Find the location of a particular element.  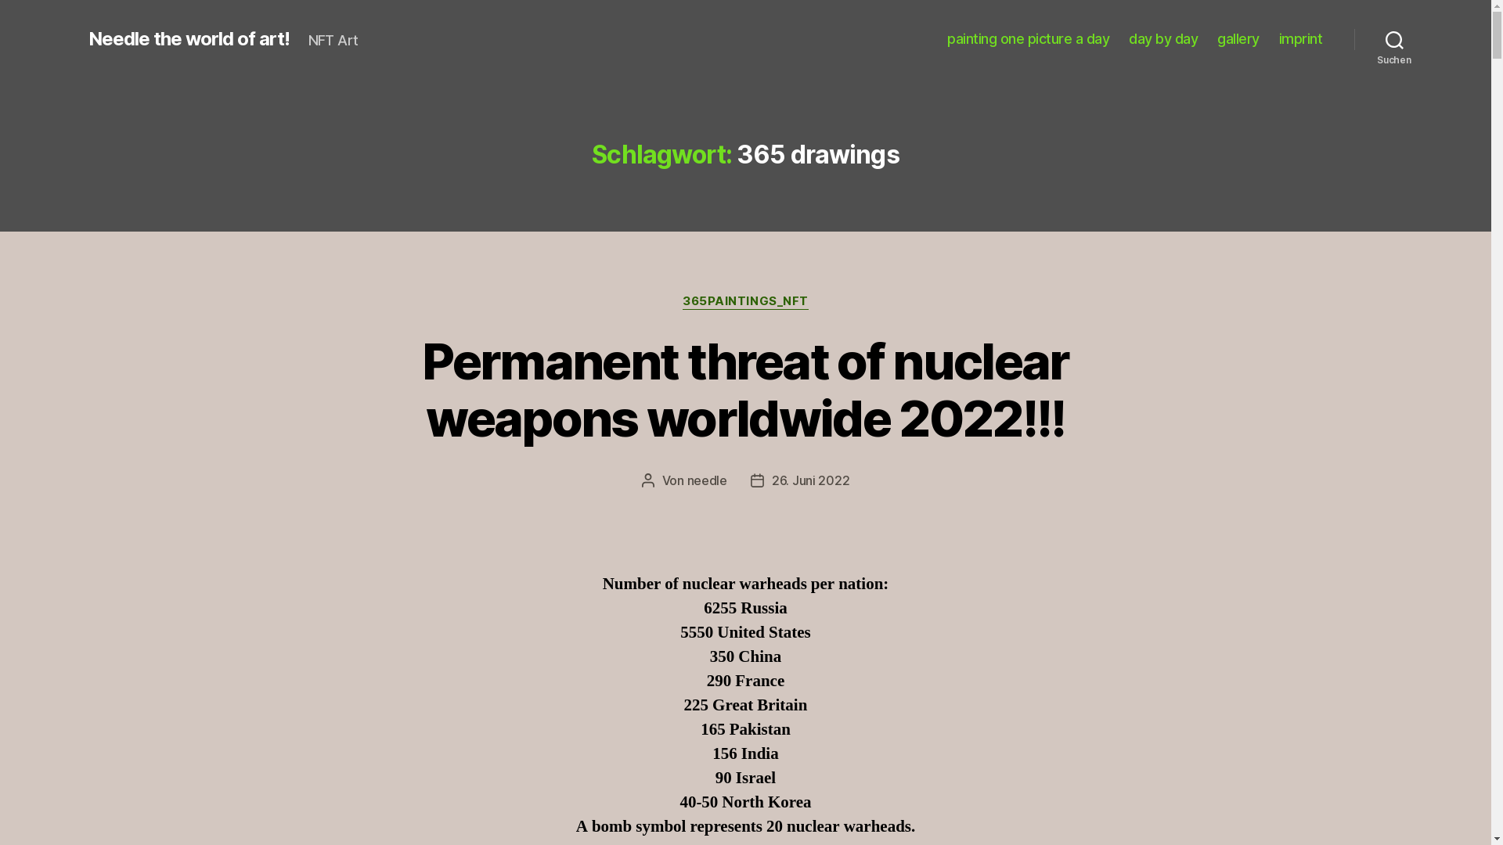

'needle' is located at coordinates (706, 479).